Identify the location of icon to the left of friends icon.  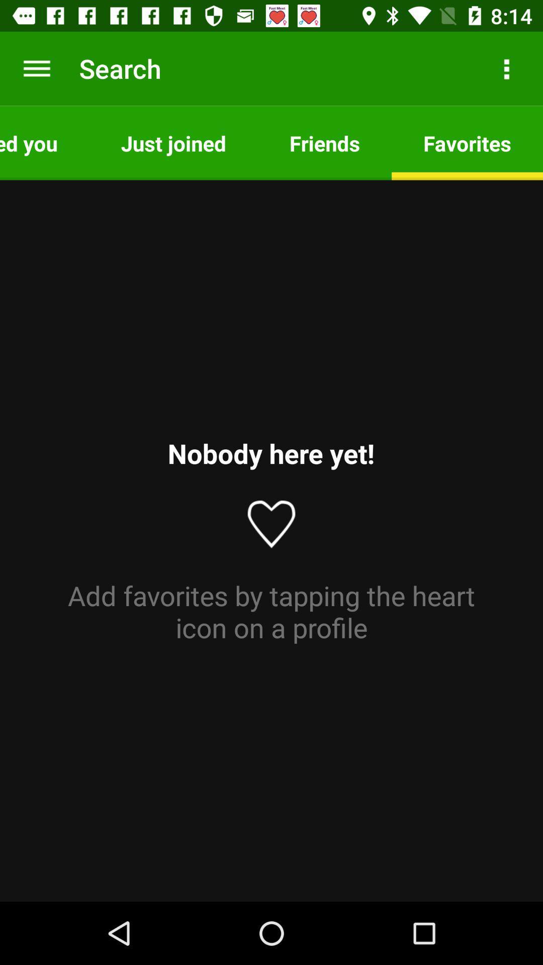
(173, 142).